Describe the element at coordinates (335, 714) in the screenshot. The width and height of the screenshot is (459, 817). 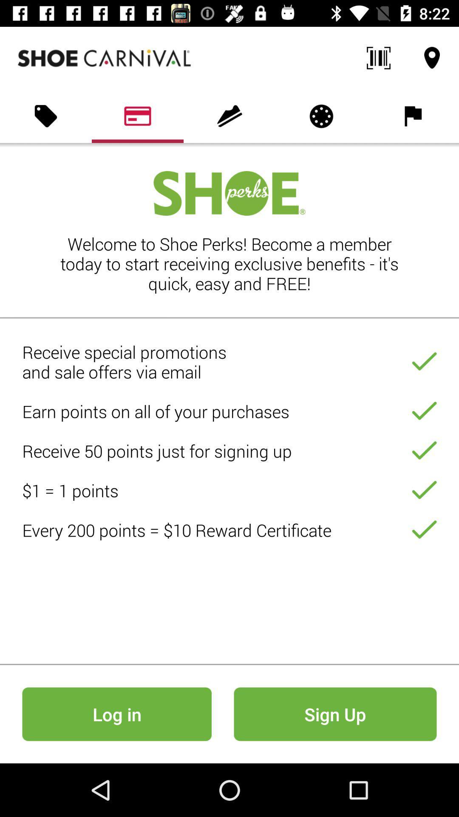
I see `the sign up item` at that location.